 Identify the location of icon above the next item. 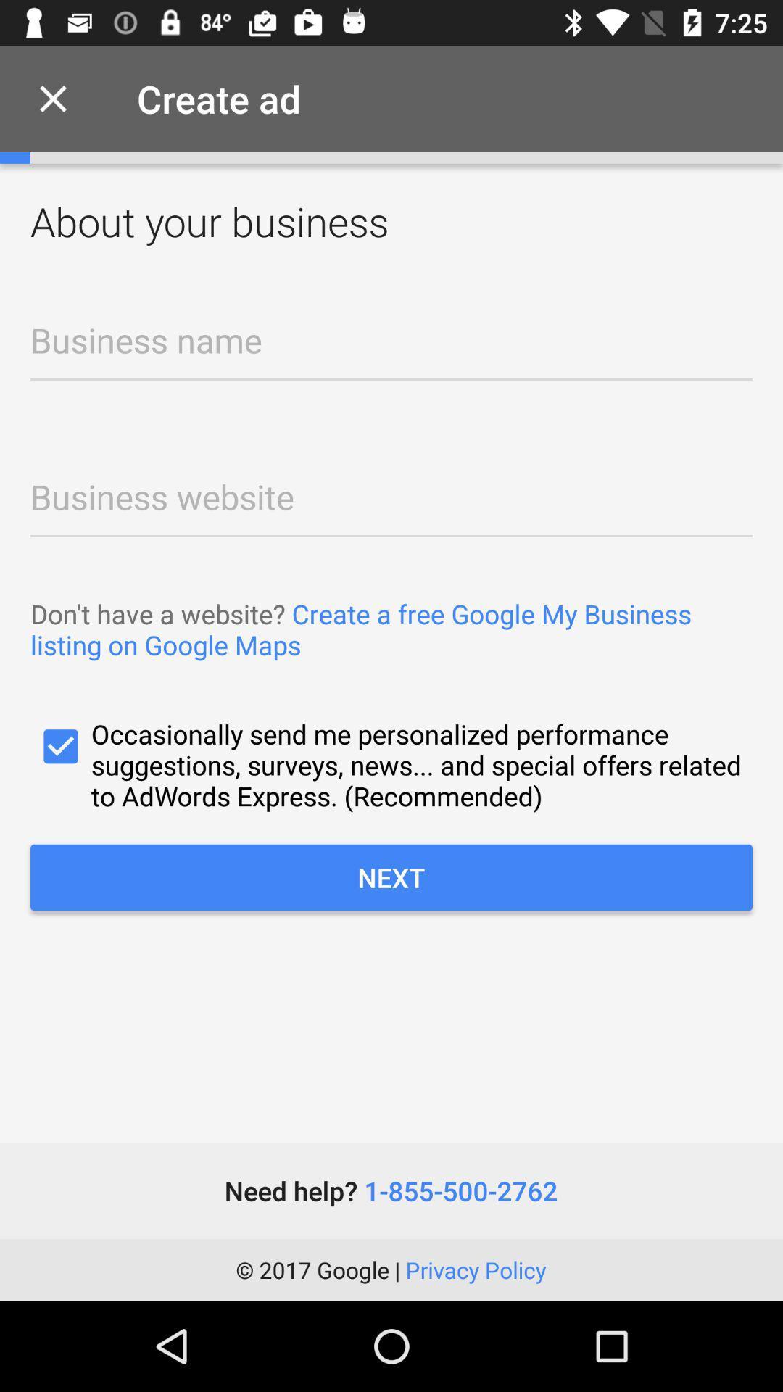
(391, 764).